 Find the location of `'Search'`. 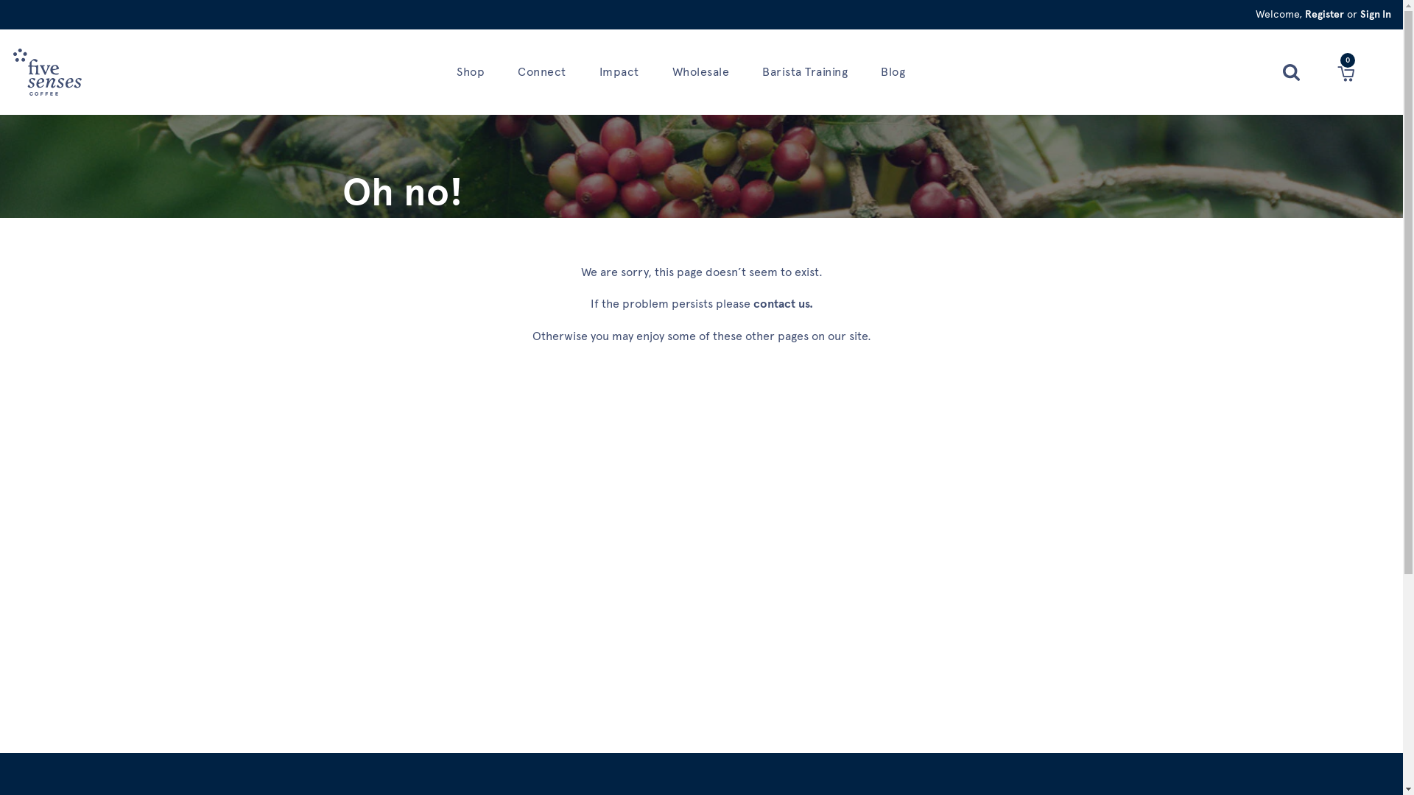

'Search' is located at coordinates (1290, 71).